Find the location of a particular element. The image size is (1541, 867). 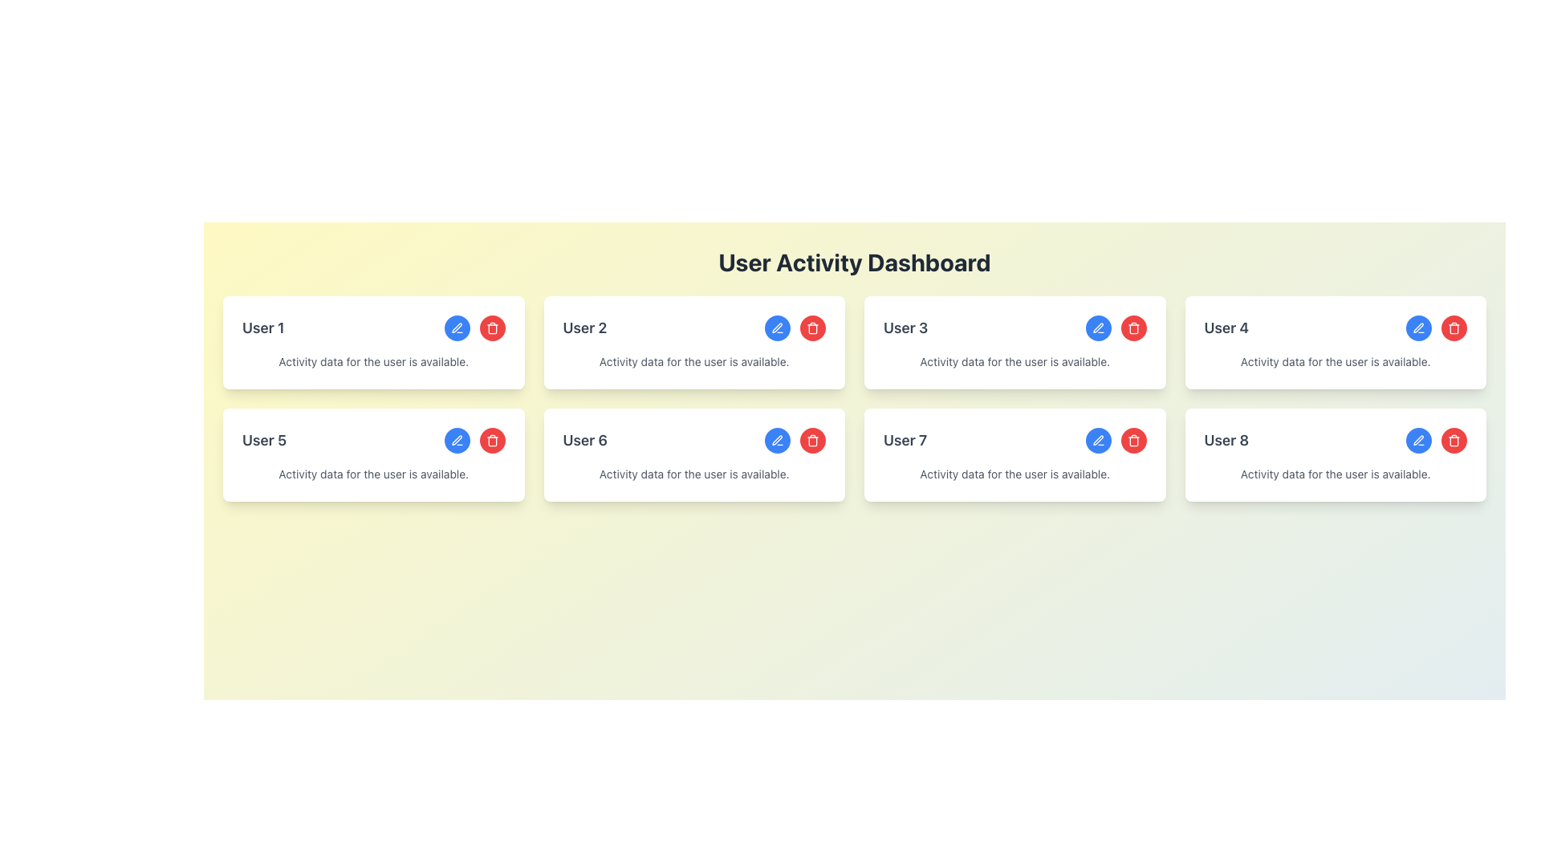

the small blue circular button with a pen icon for editing, located in the 'User 5' card on the second row, first column is located at coordinates (456, 440).